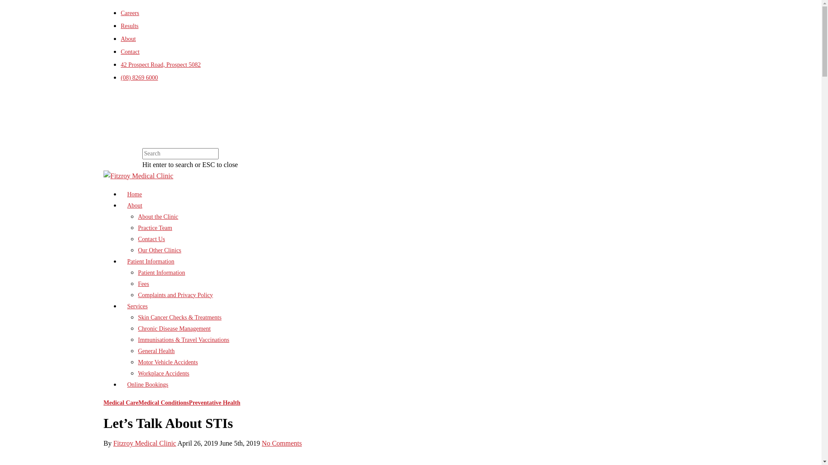 Image resolution: width=828 pixels, height=465 pixels. Describe the element at coordinates (126, 194) in the screenshot. I see `'Home'` at that location.